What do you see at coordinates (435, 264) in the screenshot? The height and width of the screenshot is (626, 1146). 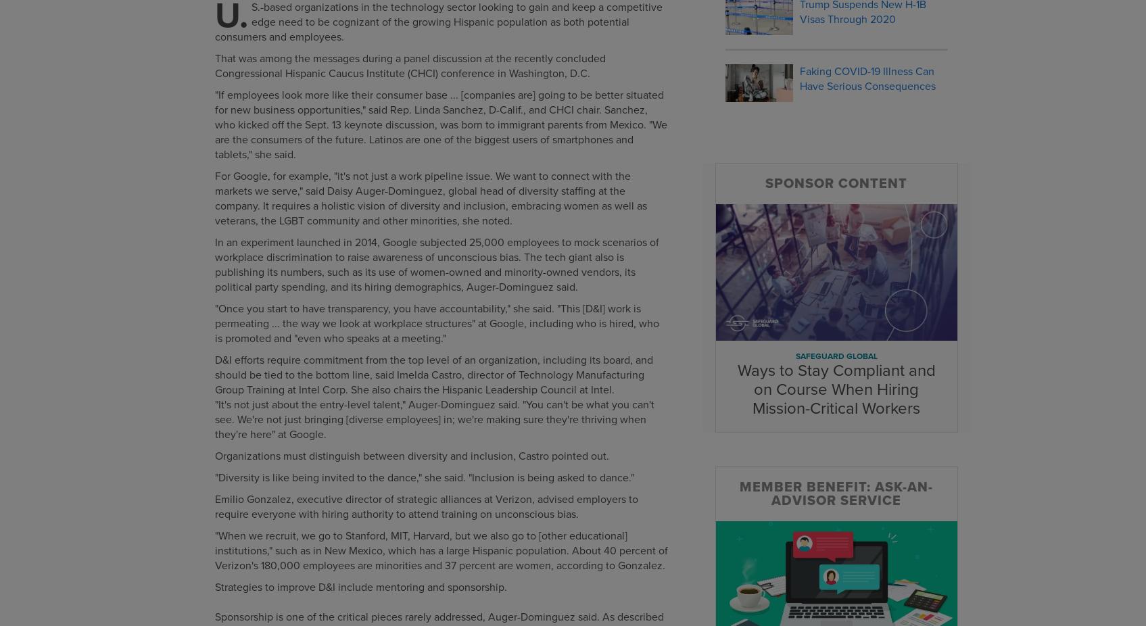 I see `'In an experiment launched in 2014, Google subjected 25,000 employees to mock scenarios of workplace discrimination to raise awareness of unconscious bias. The tech giant also is publishing its numbers, such as its use of women-owned and minority-owned vendors, its political party spending, and its hiring demographics, Auger-Dominguez said.'` at bounding box center [435, 264].